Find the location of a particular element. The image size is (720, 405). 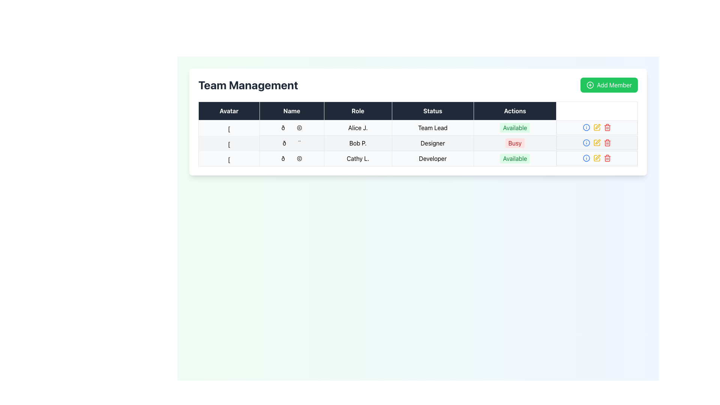

the central circular graphic component within the green 'Add Member' button, which serves as an indicator for adding a member is located at coordinates (589, 85).